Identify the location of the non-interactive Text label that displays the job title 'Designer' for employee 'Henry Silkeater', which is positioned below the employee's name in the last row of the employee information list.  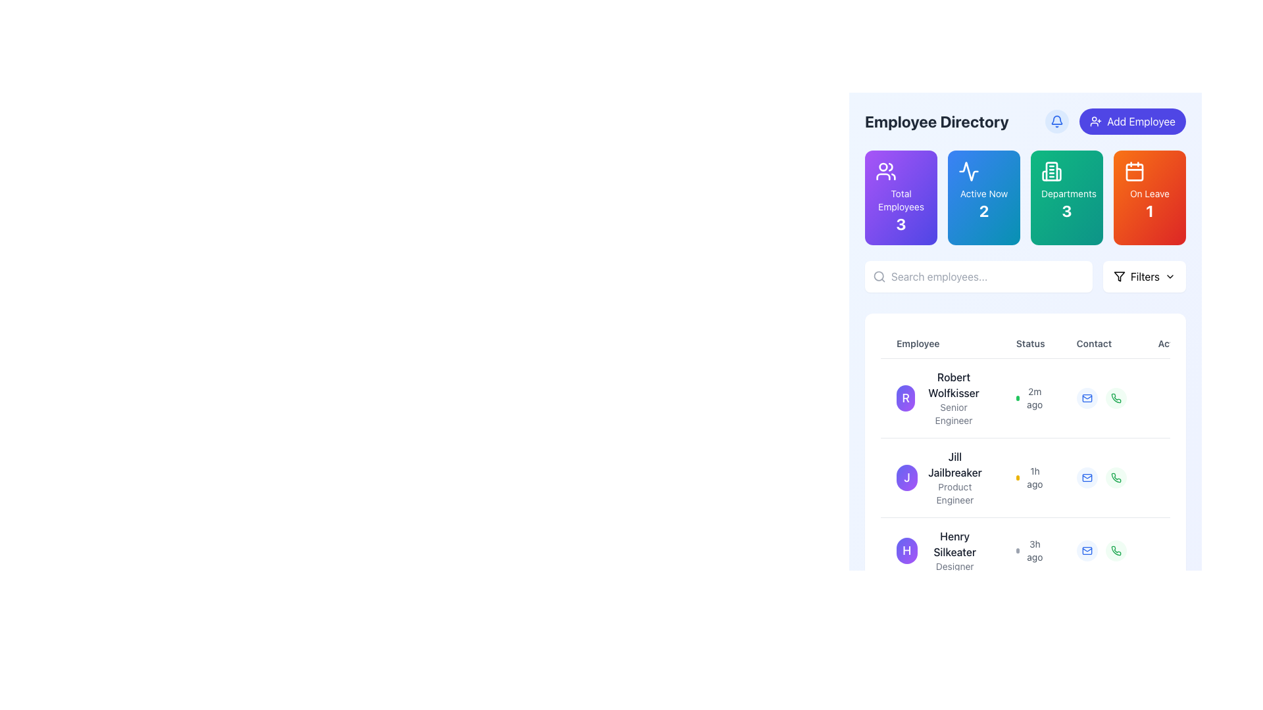
(954, 565).